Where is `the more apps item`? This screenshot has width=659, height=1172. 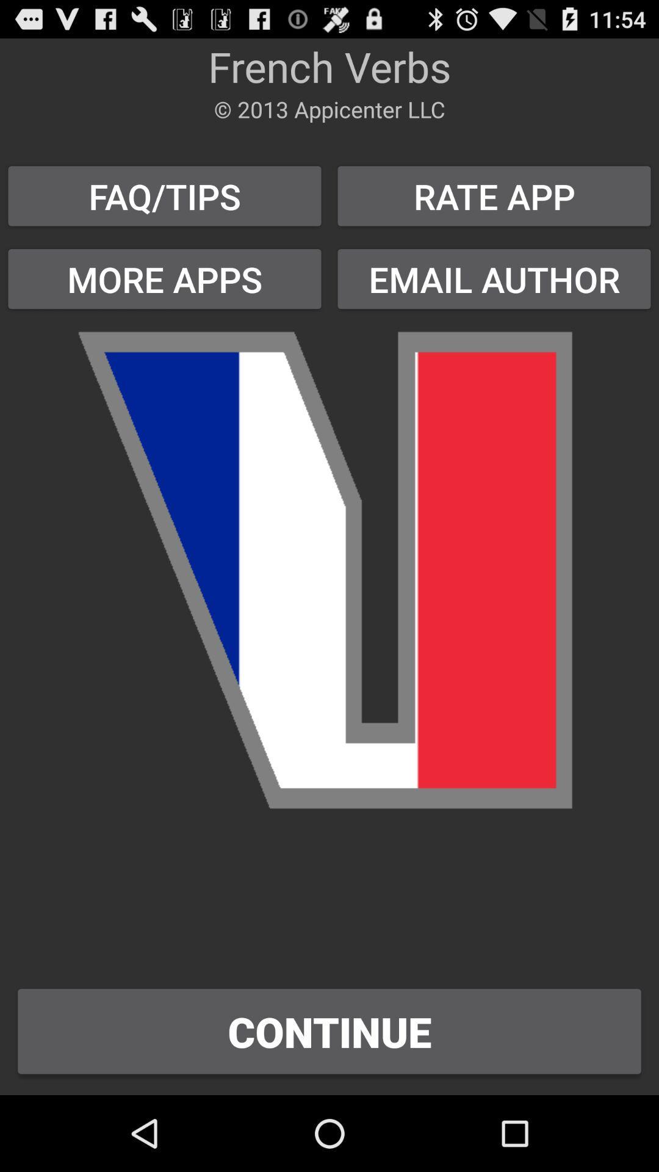
the more apps item is located at coordinates (165, 278).